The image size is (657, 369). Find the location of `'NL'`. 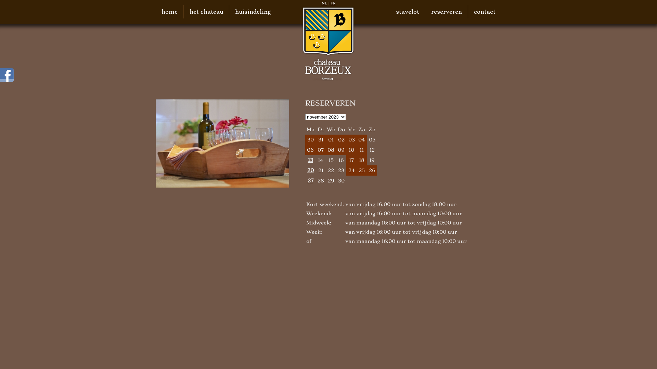

'NL' is located at coordinates (324, 3).